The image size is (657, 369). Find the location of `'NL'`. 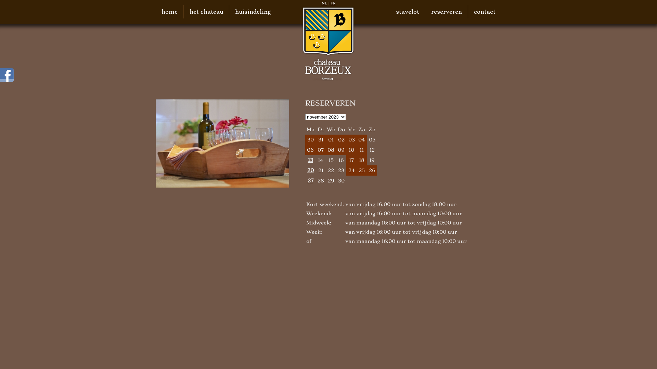

'NL' is located at coordinates (324, 3).